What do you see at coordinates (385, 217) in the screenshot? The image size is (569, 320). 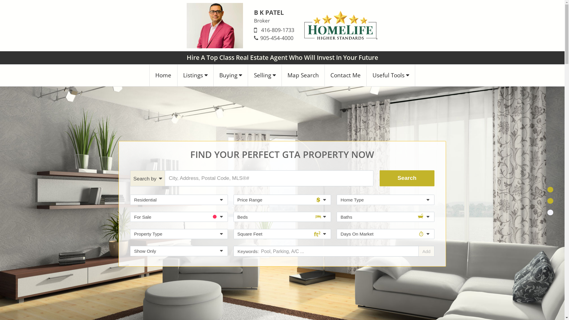 I see `'Baths'` at bounding box center [385, 217].